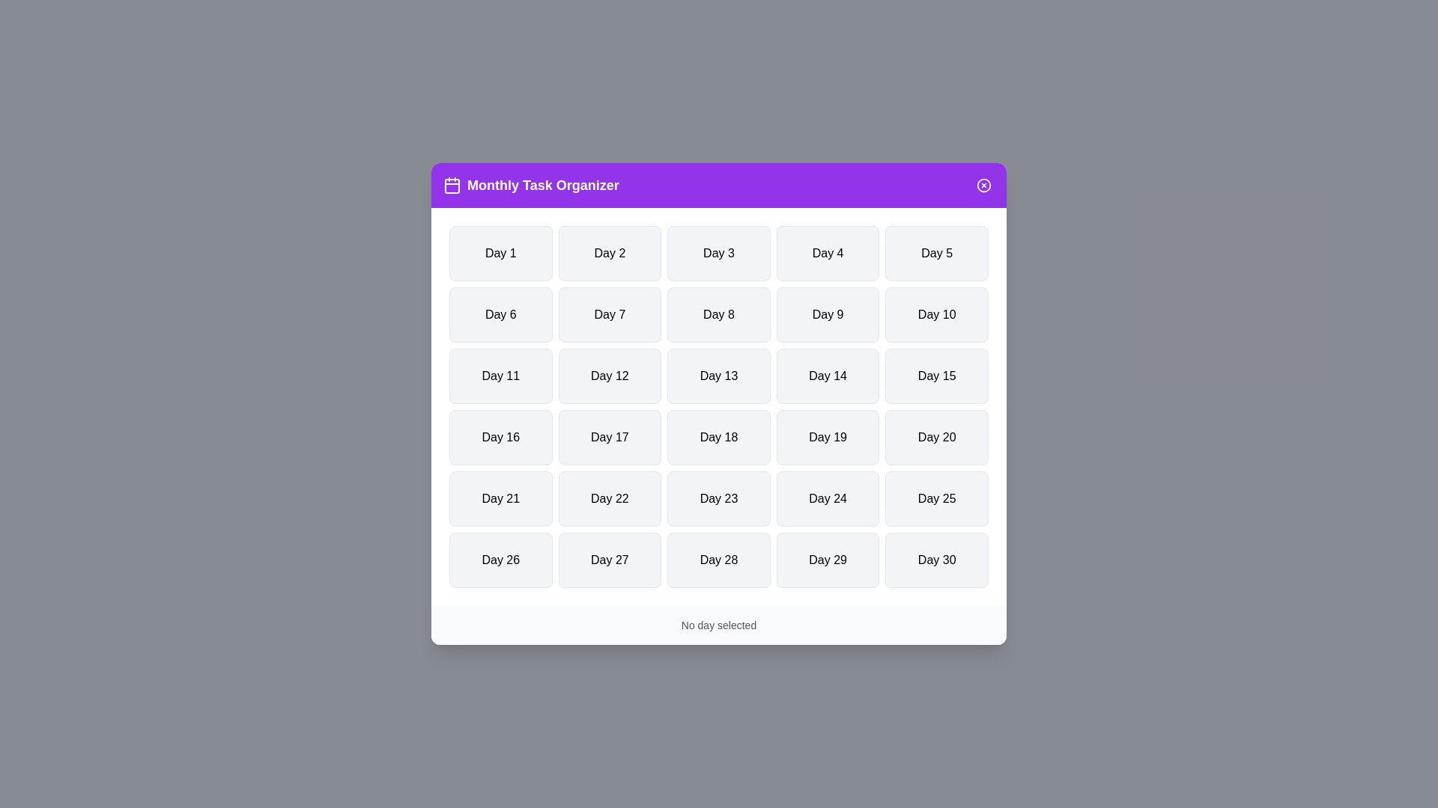 The height and width of the screenshot is (808, 1438). Describe the element at coordinates (719, 253) in the screenshot. I see `the button labeled Day 3 to select the corresponding day` at that location.